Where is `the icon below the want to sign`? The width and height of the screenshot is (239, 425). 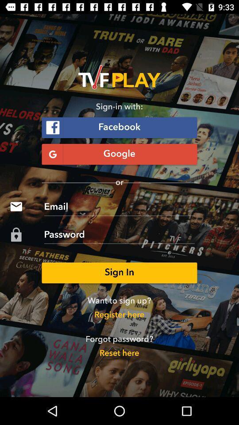
the icon below the want to sign is located at coordinates (119, 315).